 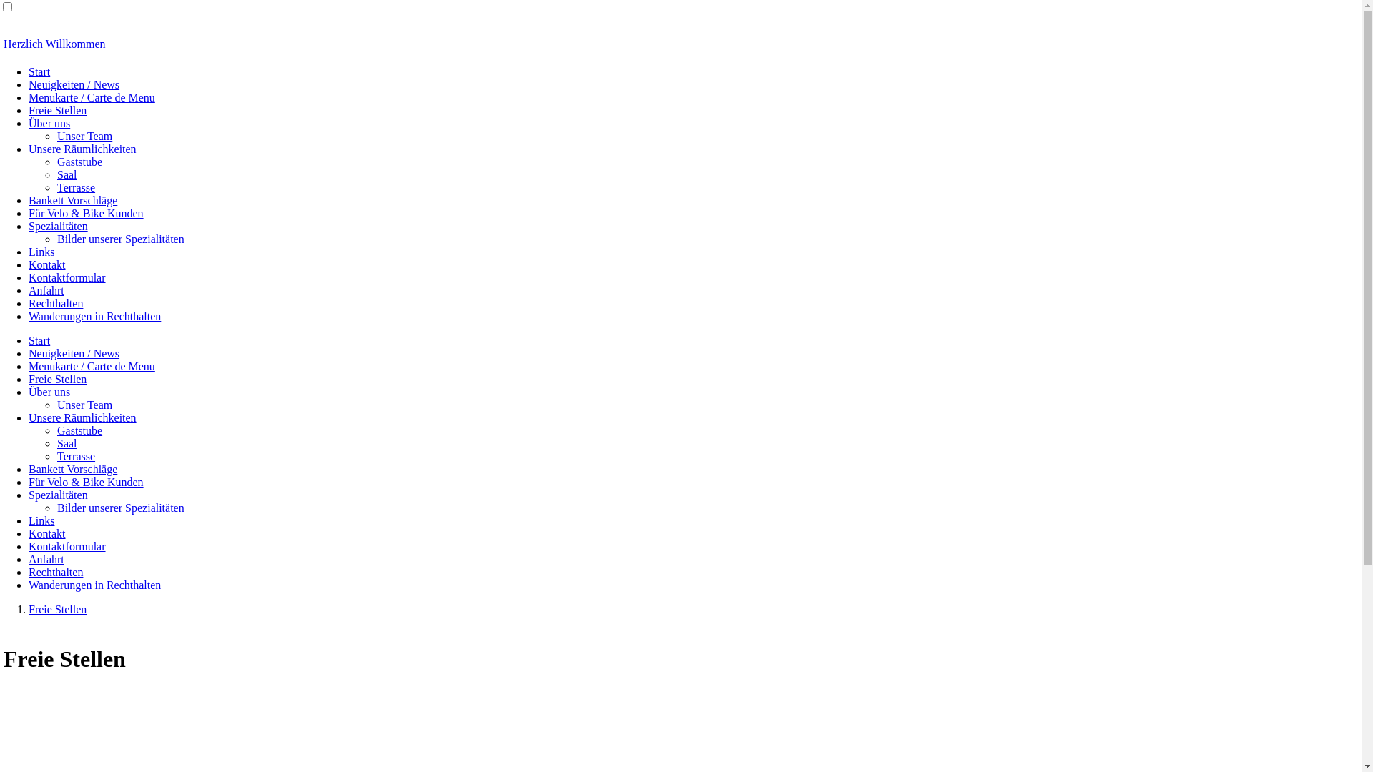 What do you see at coordinates (67, 442) in the screenshot?
I see `'Saal'` at bounding box center [67, 442].